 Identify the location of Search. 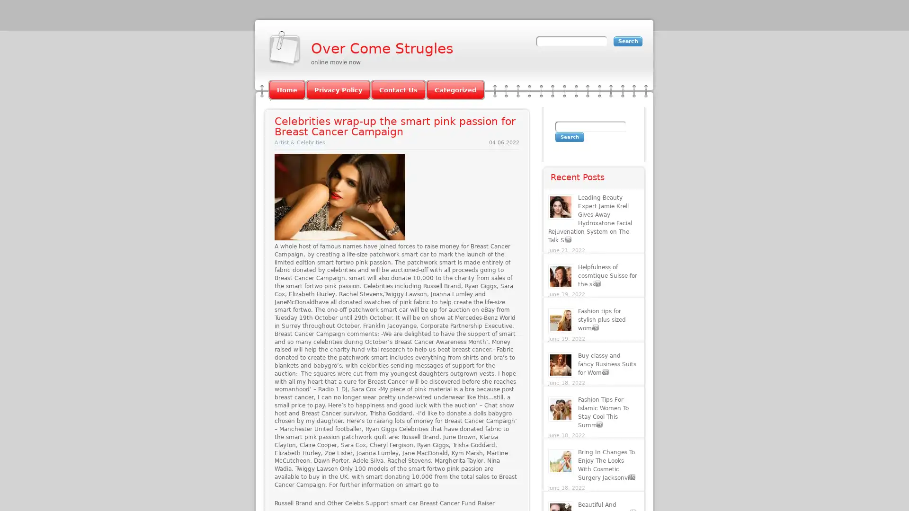
(628, 41).